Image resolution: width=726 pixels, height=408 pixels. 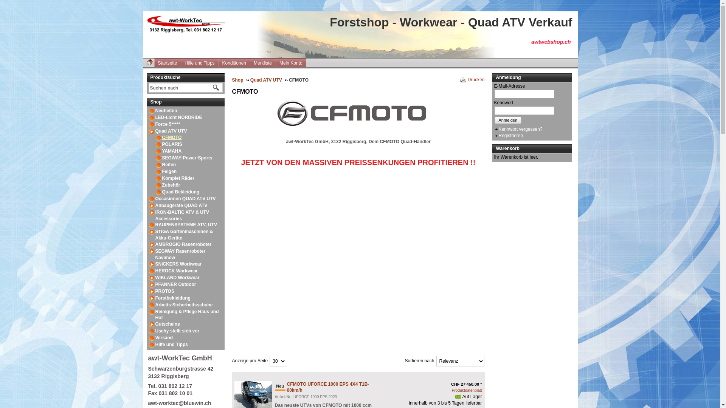 What do you see at coordinates (168, 124) in the screenshot?
I see `'Force 5*****'` at bounding box center [168, 124].